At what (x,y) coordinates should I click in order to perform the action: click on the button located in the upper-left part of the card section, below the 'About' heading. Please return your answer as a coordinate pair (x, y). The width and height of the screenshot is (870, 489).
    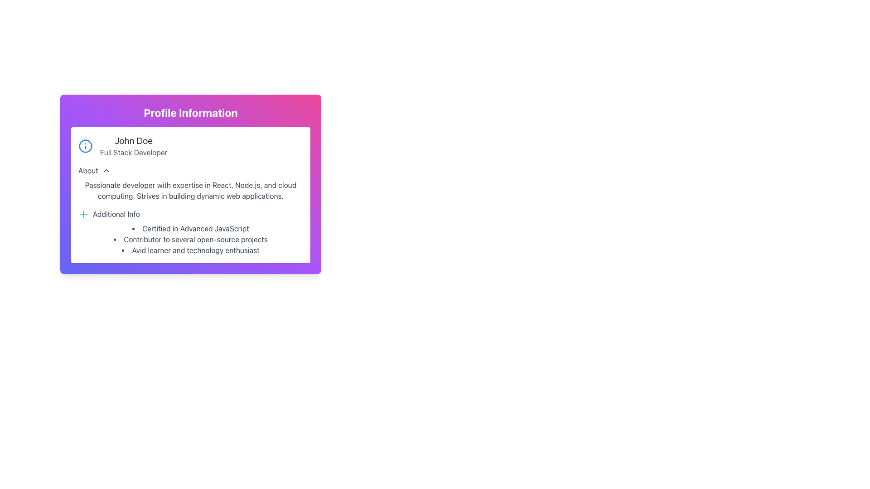
    Looking at the image, I should click on (109, 214).